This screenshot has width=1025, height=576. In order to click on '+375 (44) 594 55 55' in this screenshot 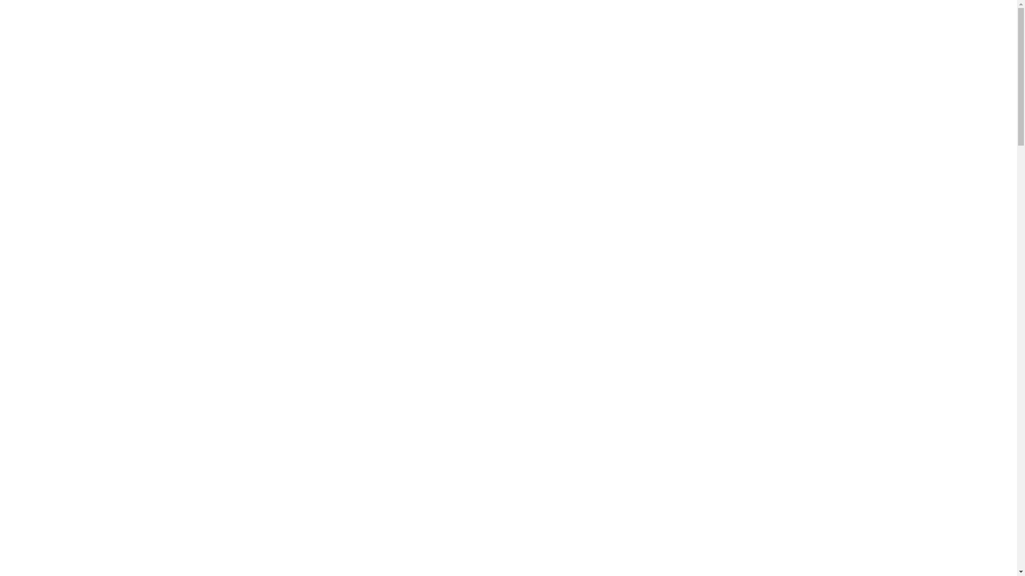, I will do `click(797, 34)`.